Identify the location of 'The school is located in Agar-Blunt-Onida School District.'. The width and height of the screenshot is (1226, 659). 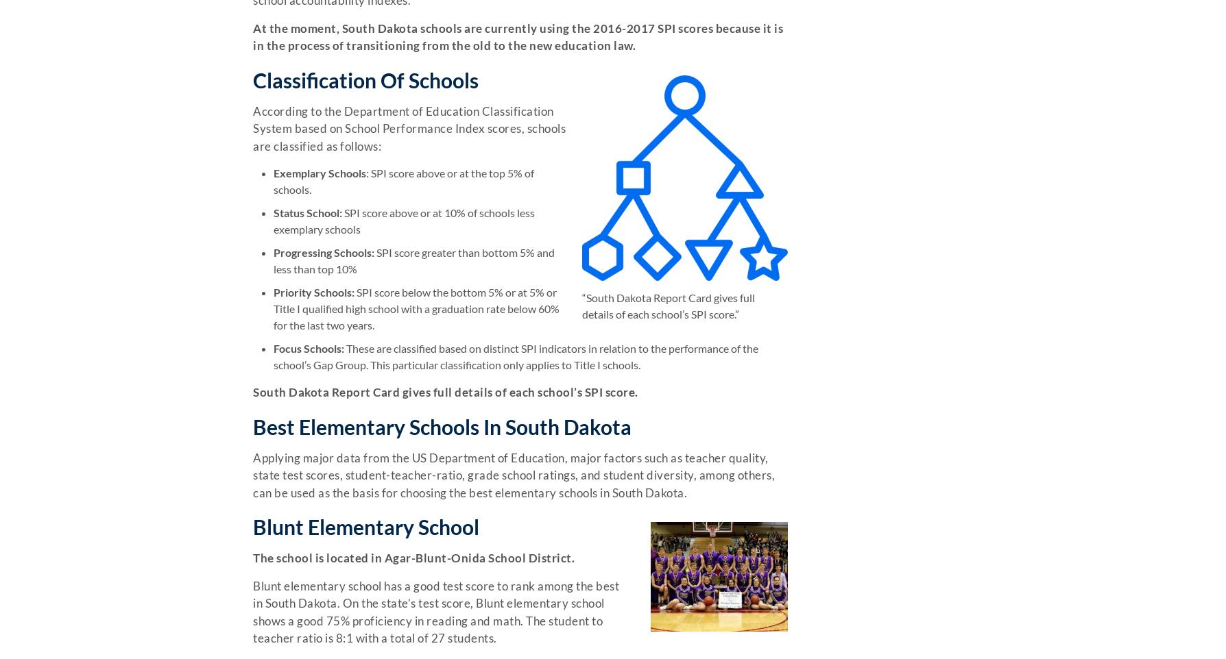
(252, 557).